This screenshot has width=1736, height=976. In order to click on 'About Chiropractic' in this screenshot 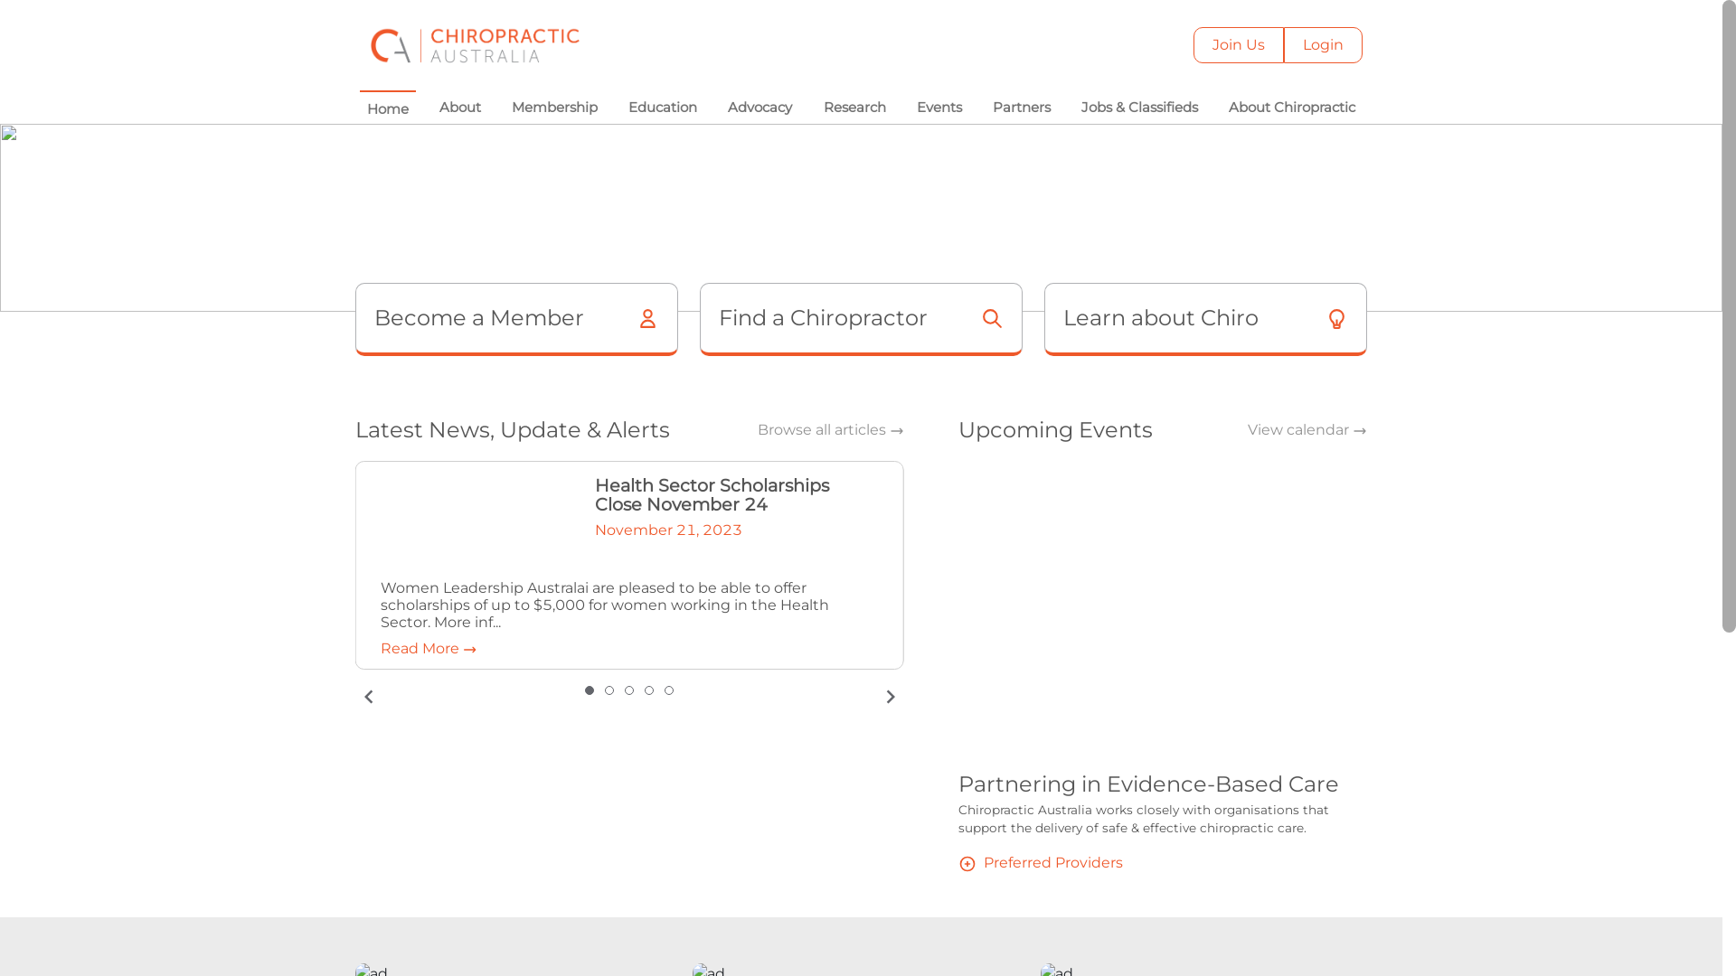, I will do `click(1221, 108)`.